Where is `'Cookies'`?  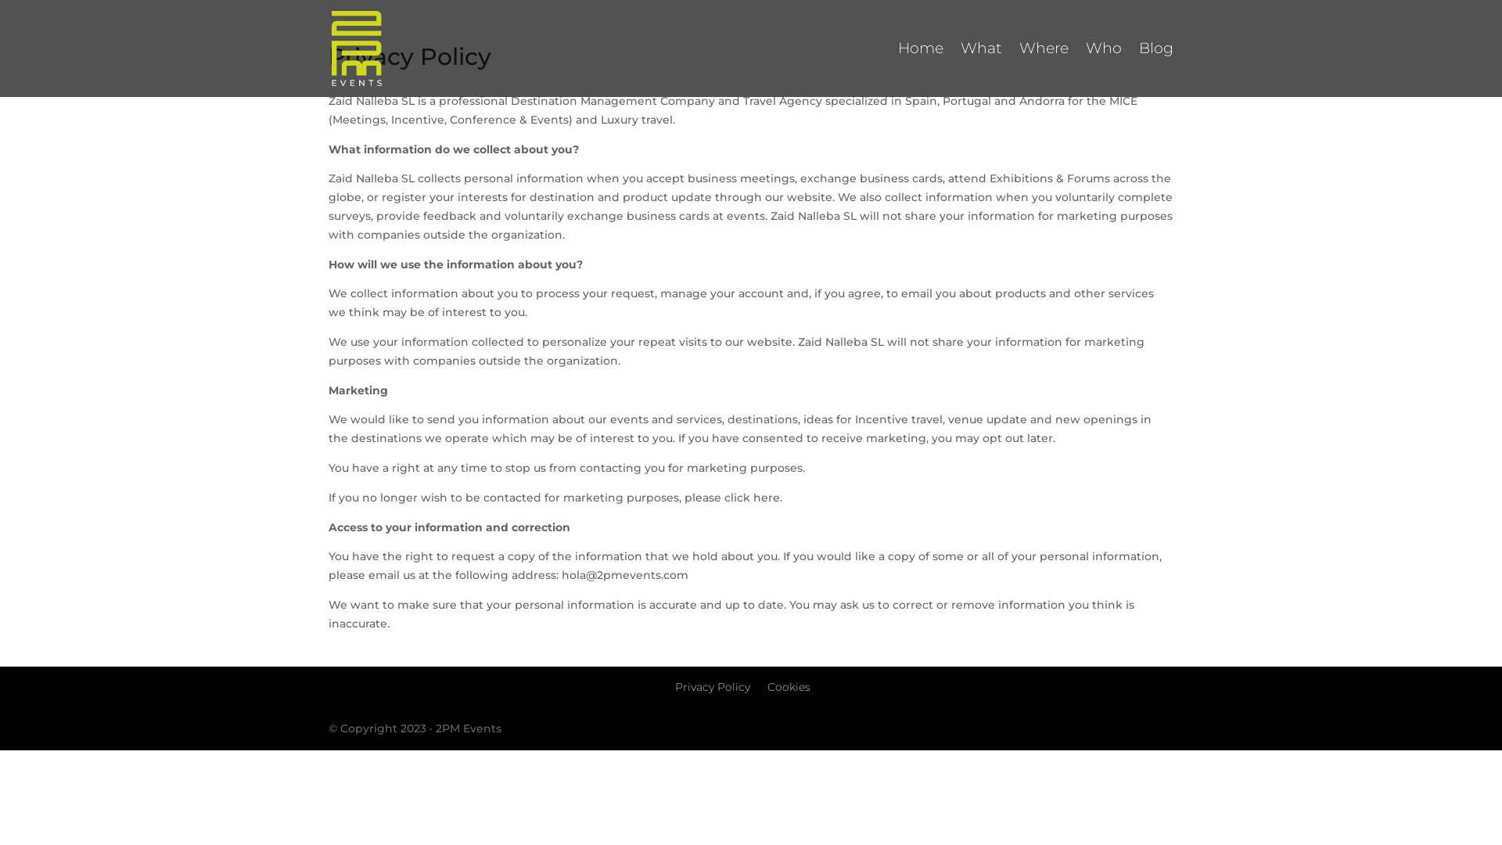 'Cookies' is located at coordinates (788, 686).